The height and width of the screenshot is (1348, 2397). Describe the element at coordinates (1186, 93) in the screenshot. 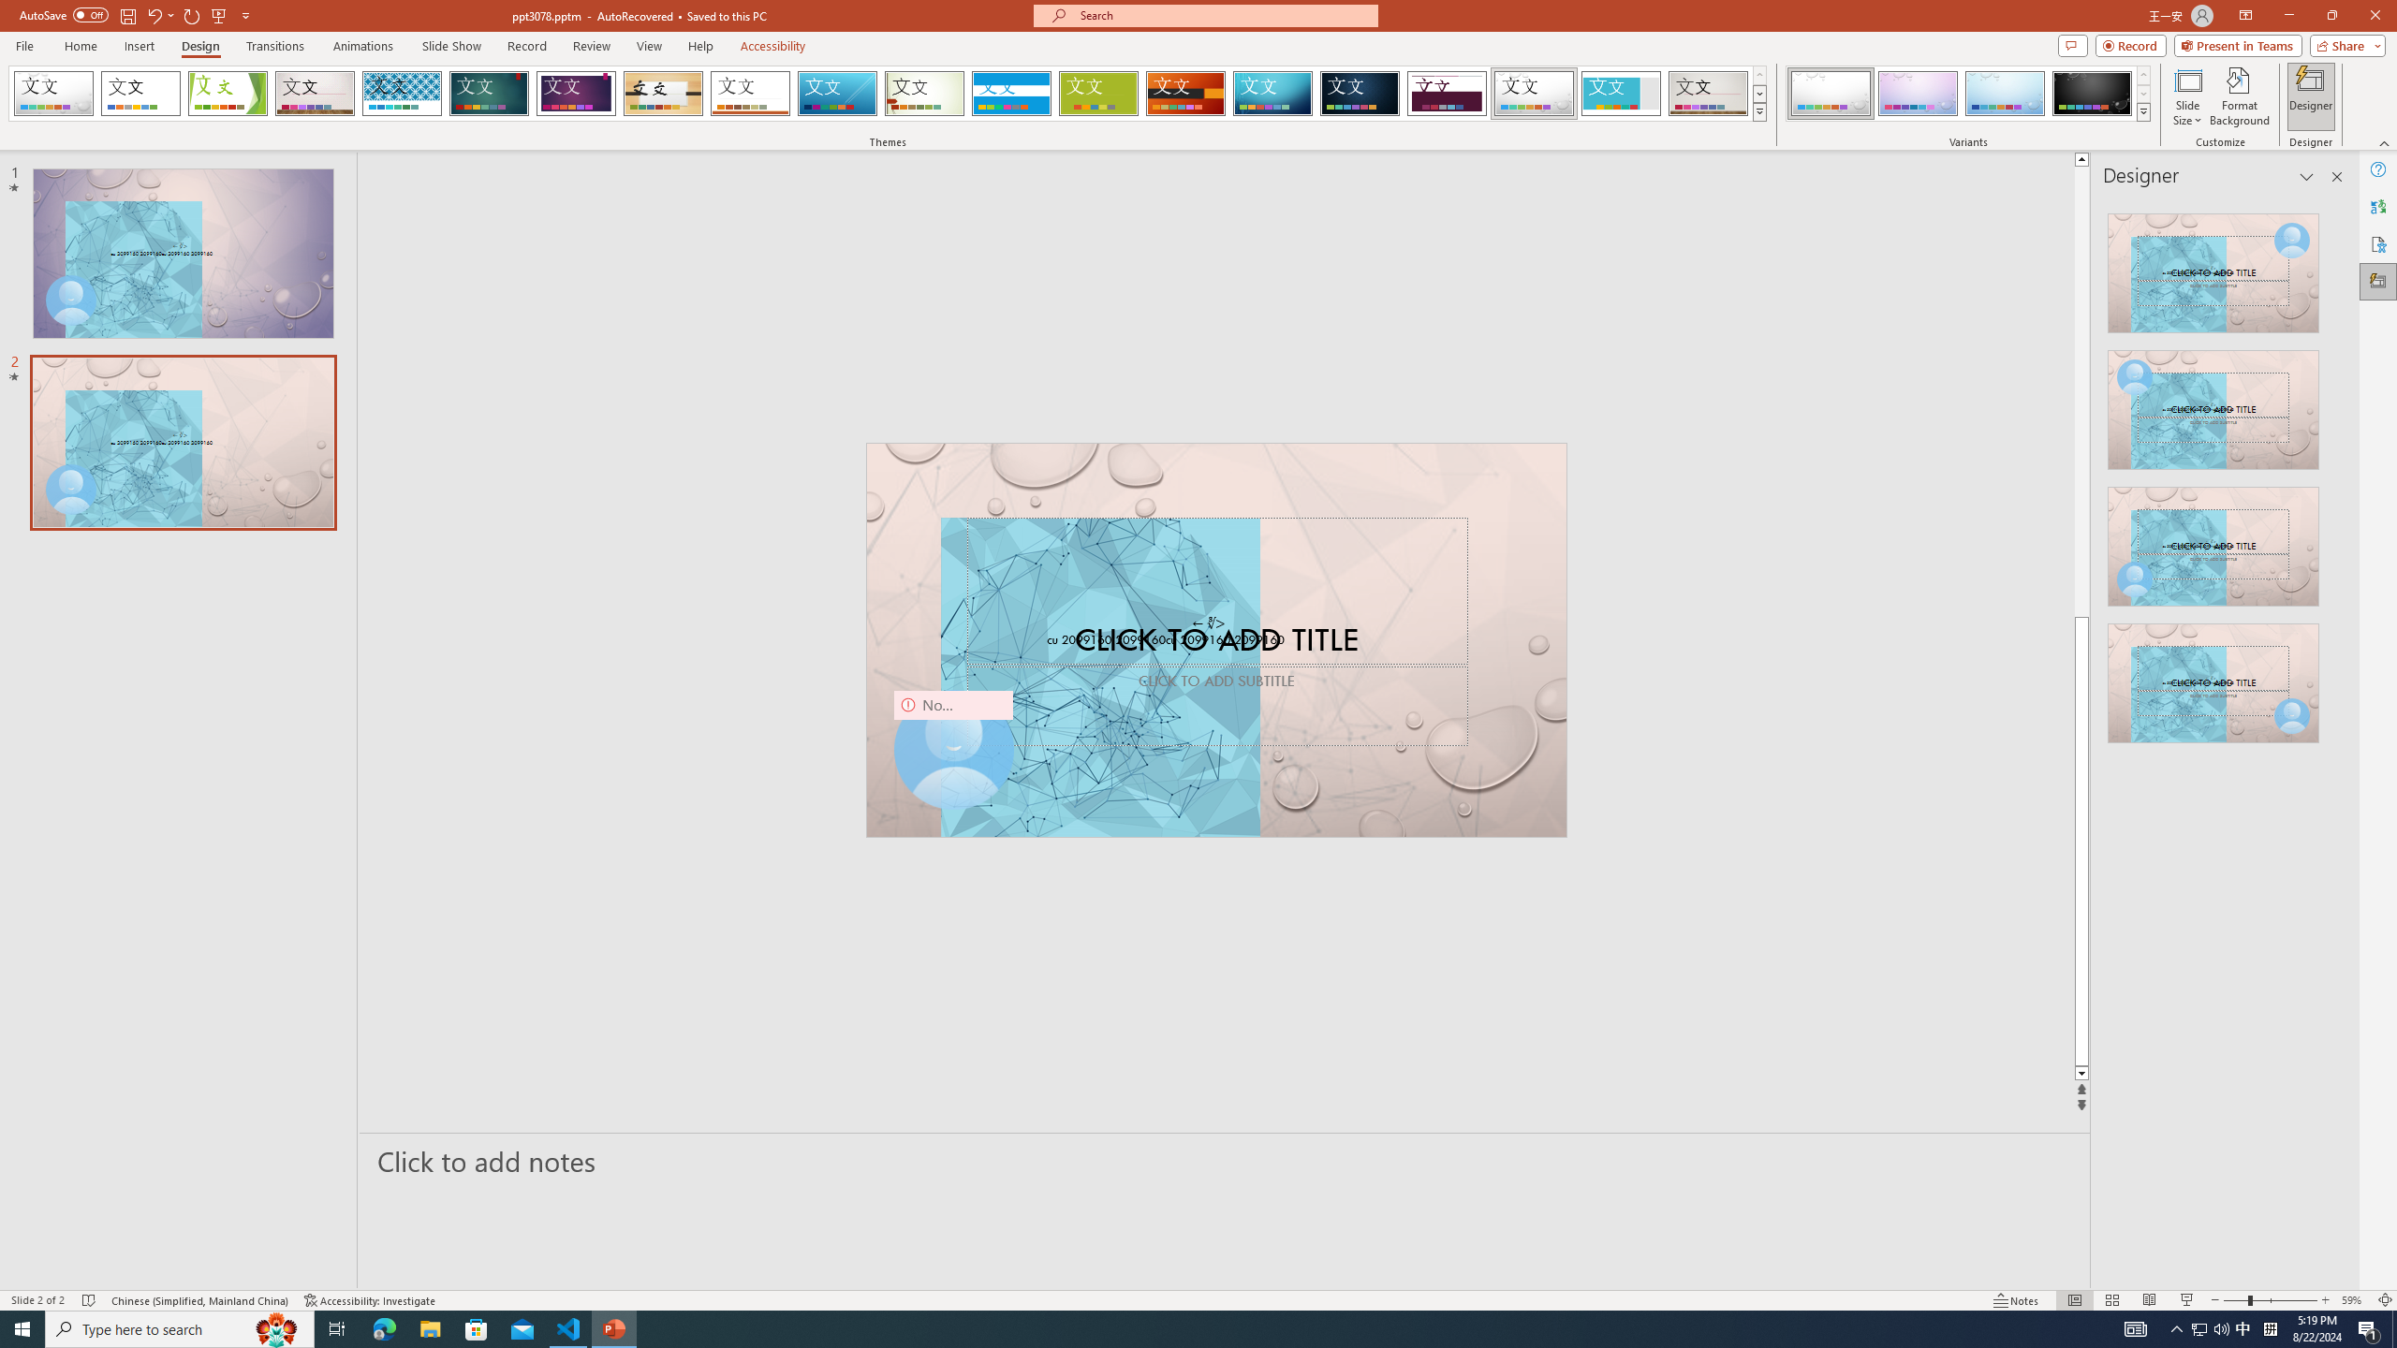

I see `'Berlin'` at that location.